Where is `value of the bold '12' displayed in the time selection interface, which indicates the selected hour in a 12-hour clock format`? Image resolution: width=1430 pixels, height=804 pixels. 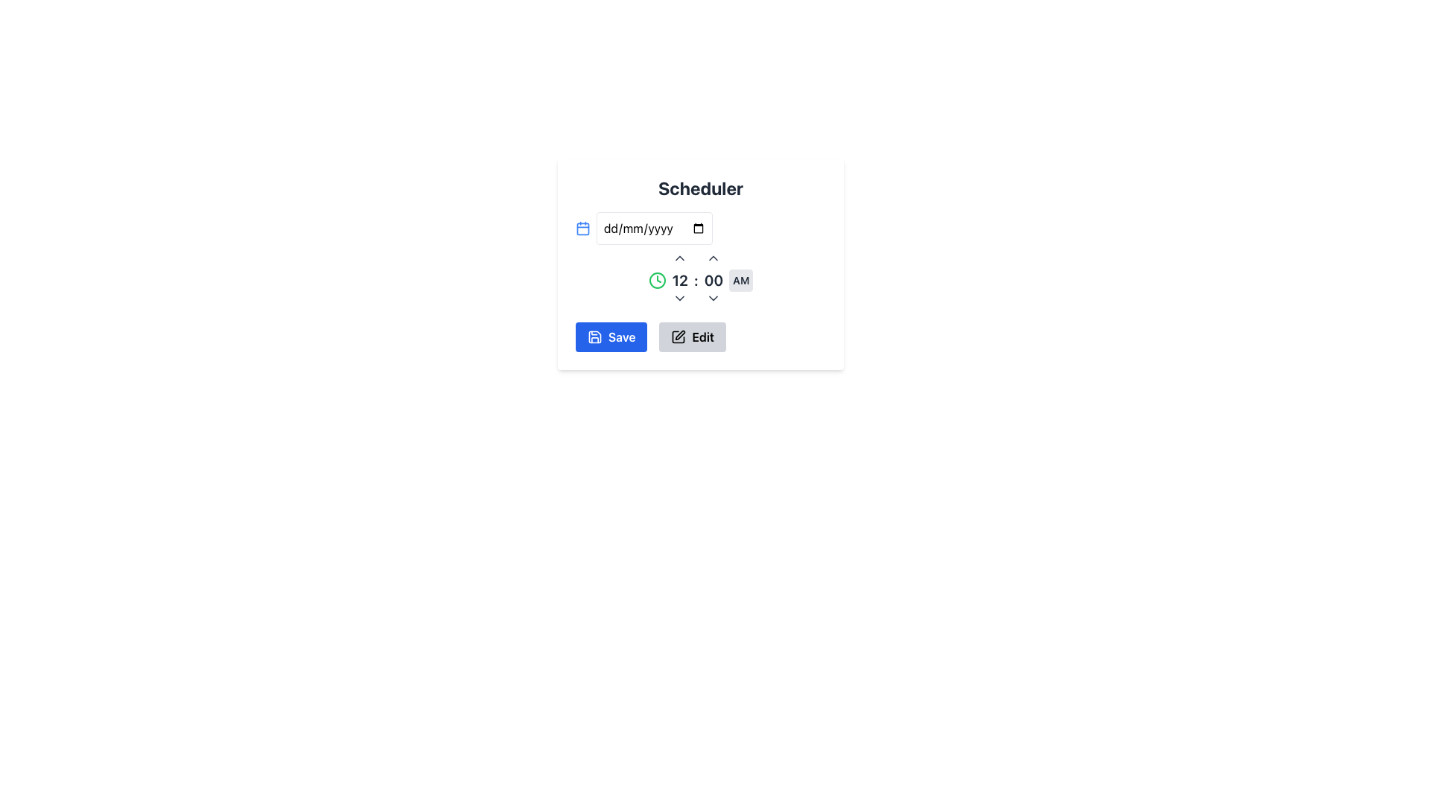
value of the bold '12' displayed in the time selection interface, which indicates the selected hour in a 12-hour clock format is located at coordinates (679, 281).